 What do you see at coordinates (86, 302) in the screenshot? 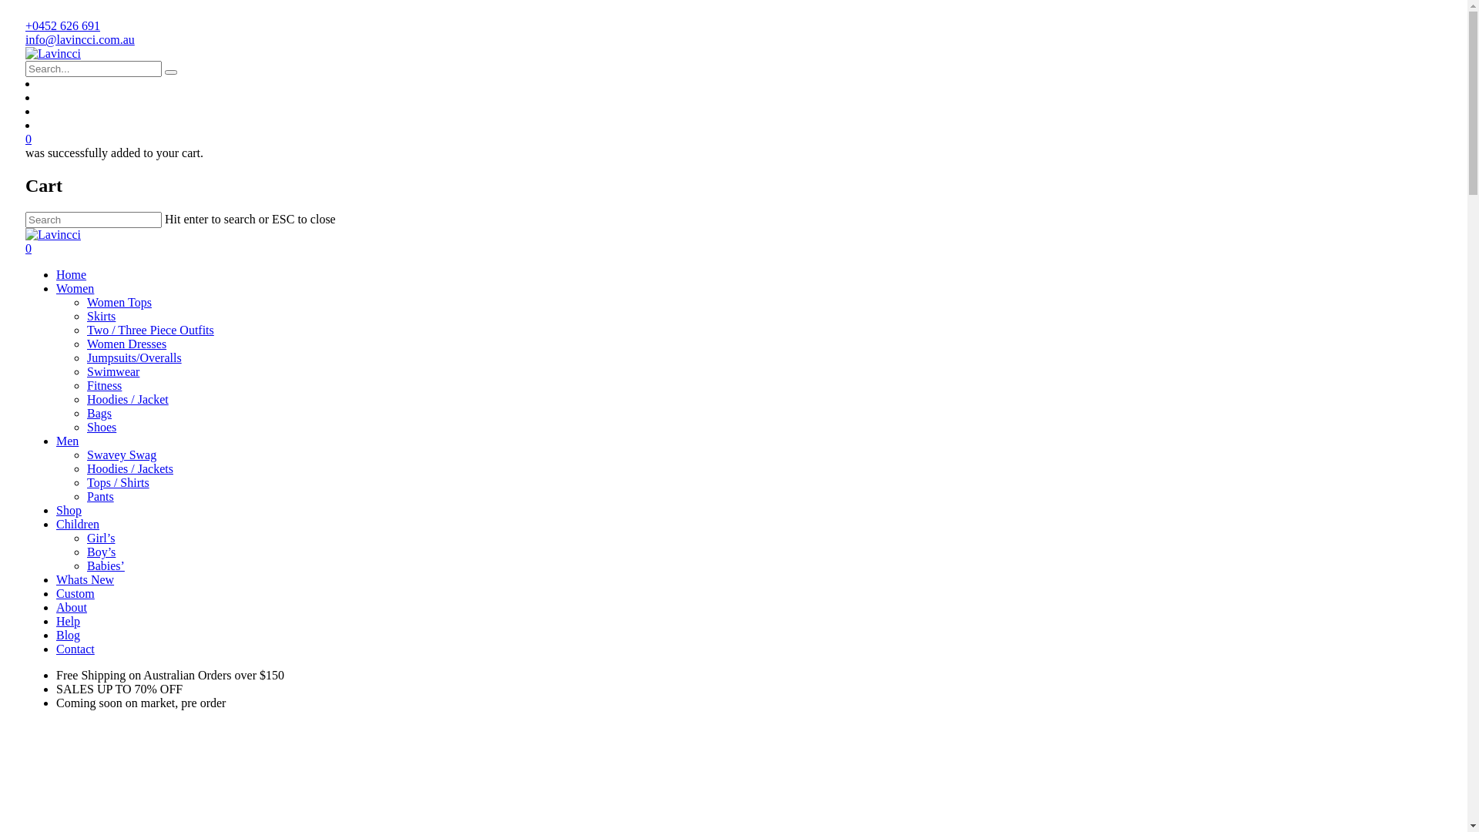
I see `'Women Tops'` at bounding box center [86, 302].